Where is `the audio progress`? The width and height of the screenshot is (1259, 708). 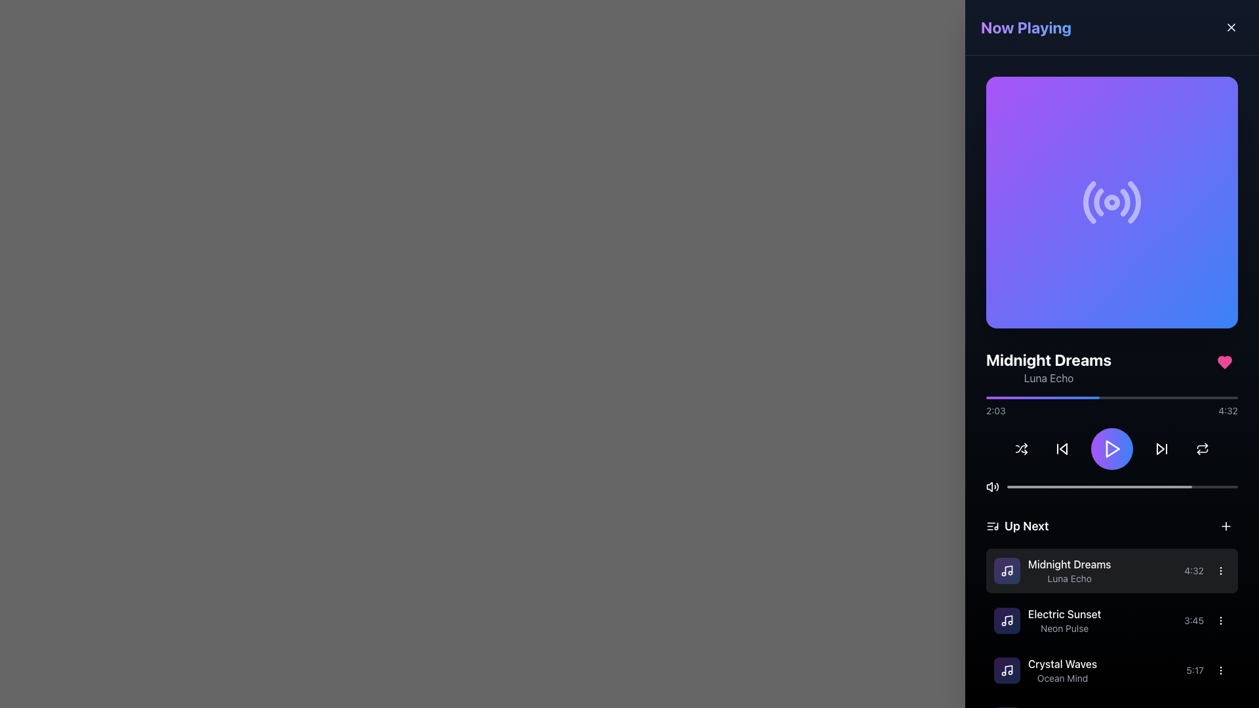
the audio progress is located at coordinates (1136, 397).